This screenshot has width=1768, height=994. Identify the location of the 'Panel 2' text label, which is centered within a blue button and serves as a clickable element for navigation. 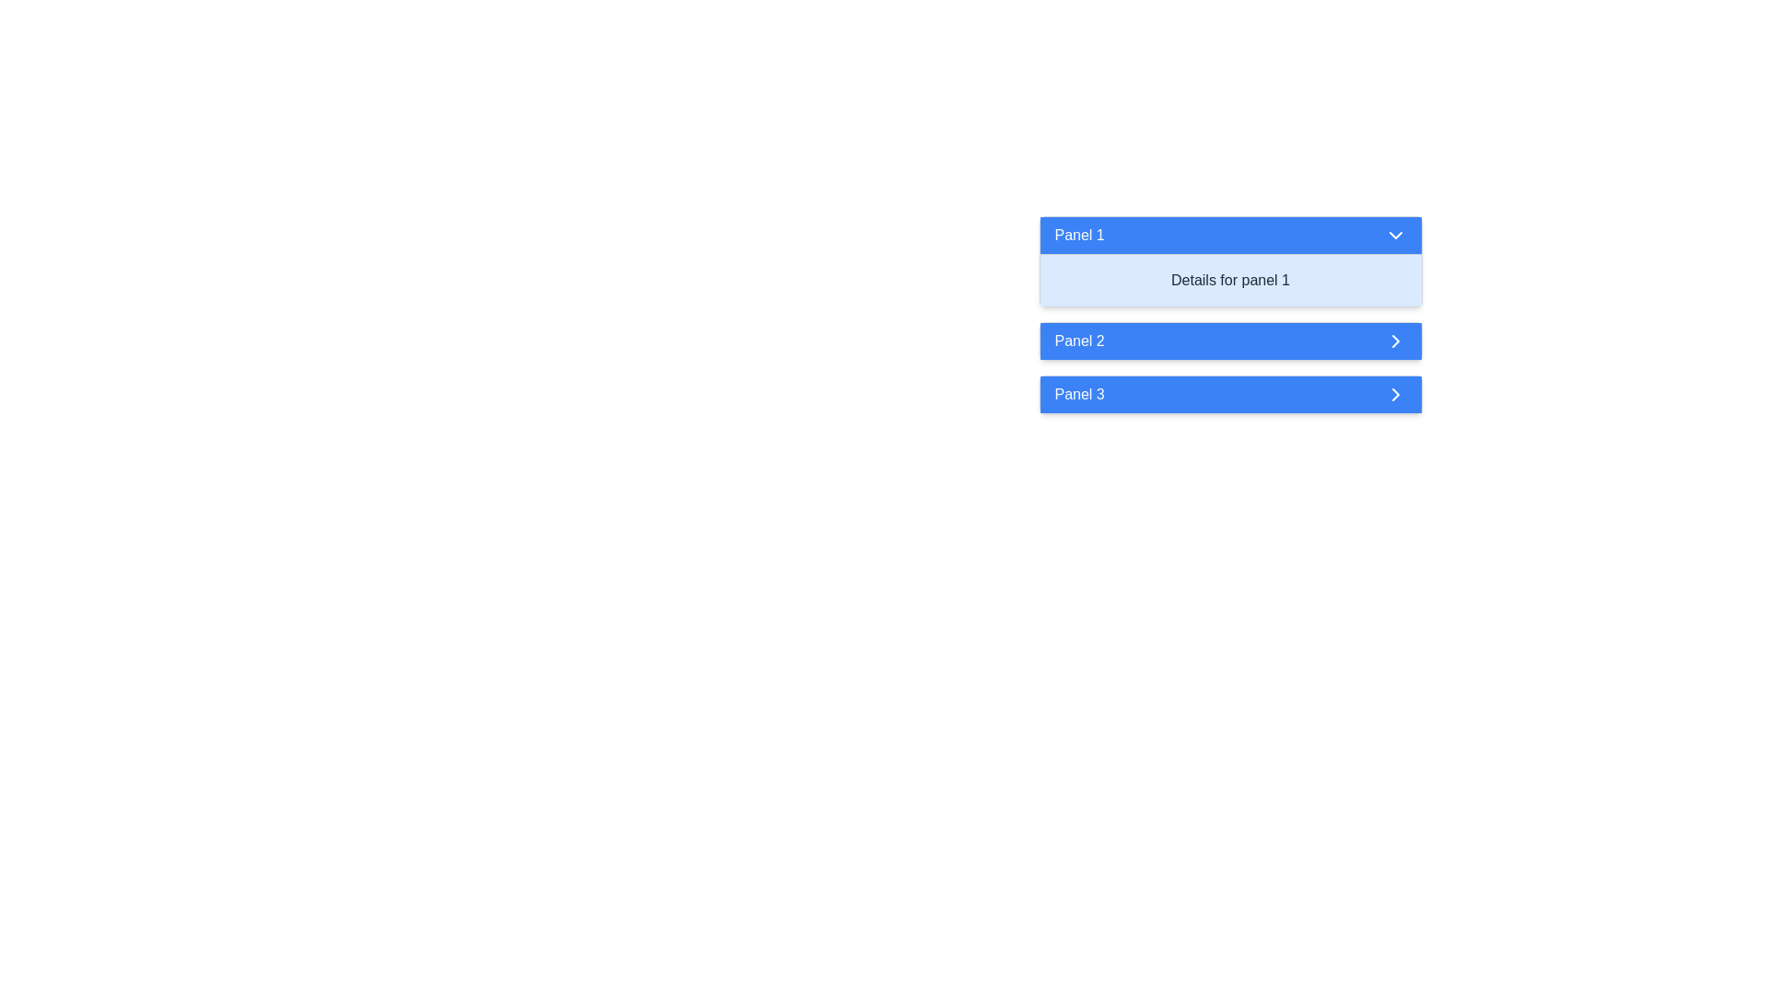
(1079, 341).